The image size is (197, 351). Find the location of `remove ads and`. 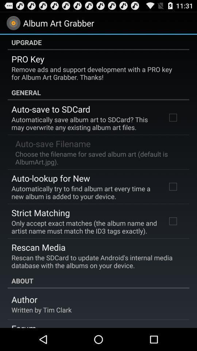

remove ads and is located at coordinates (96, 73).